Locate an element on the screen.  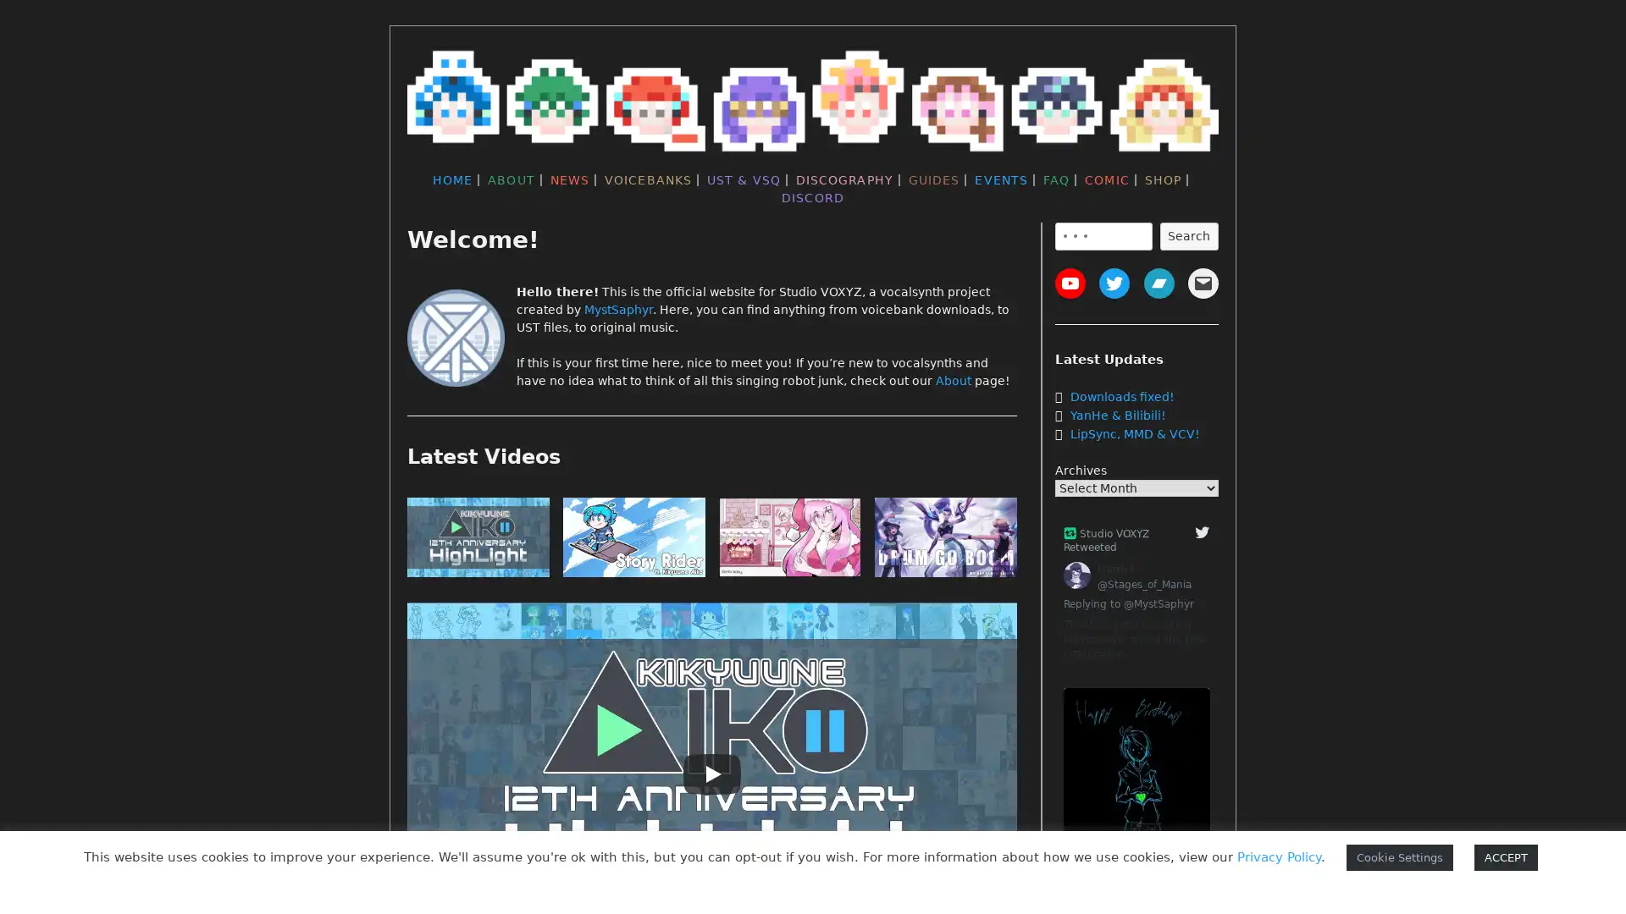
play is located at coordinates (633, 541).